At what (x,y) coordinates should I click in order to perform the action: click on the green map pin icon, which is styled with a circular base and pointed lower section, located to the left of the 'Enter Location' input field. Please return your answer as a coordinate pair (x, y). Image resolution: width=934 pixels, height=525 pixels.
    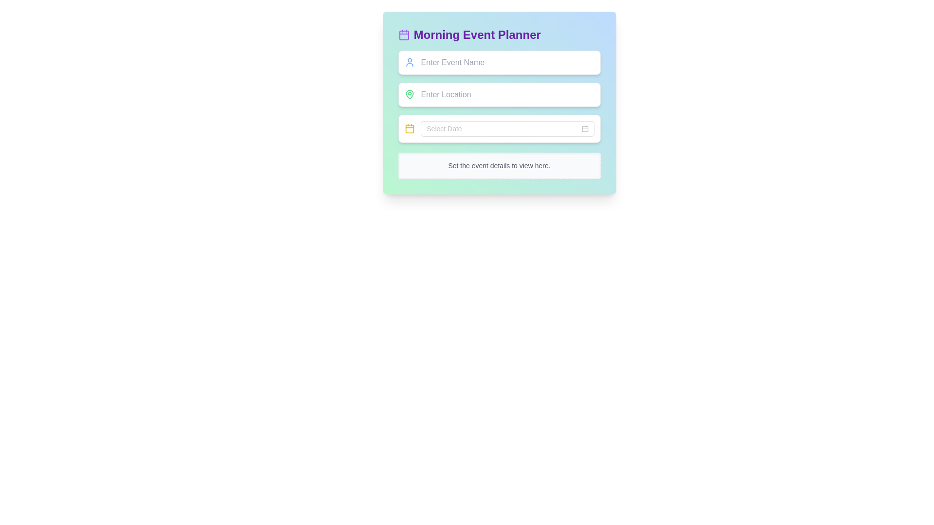
    Looking at the image, I should click on (410, 95).